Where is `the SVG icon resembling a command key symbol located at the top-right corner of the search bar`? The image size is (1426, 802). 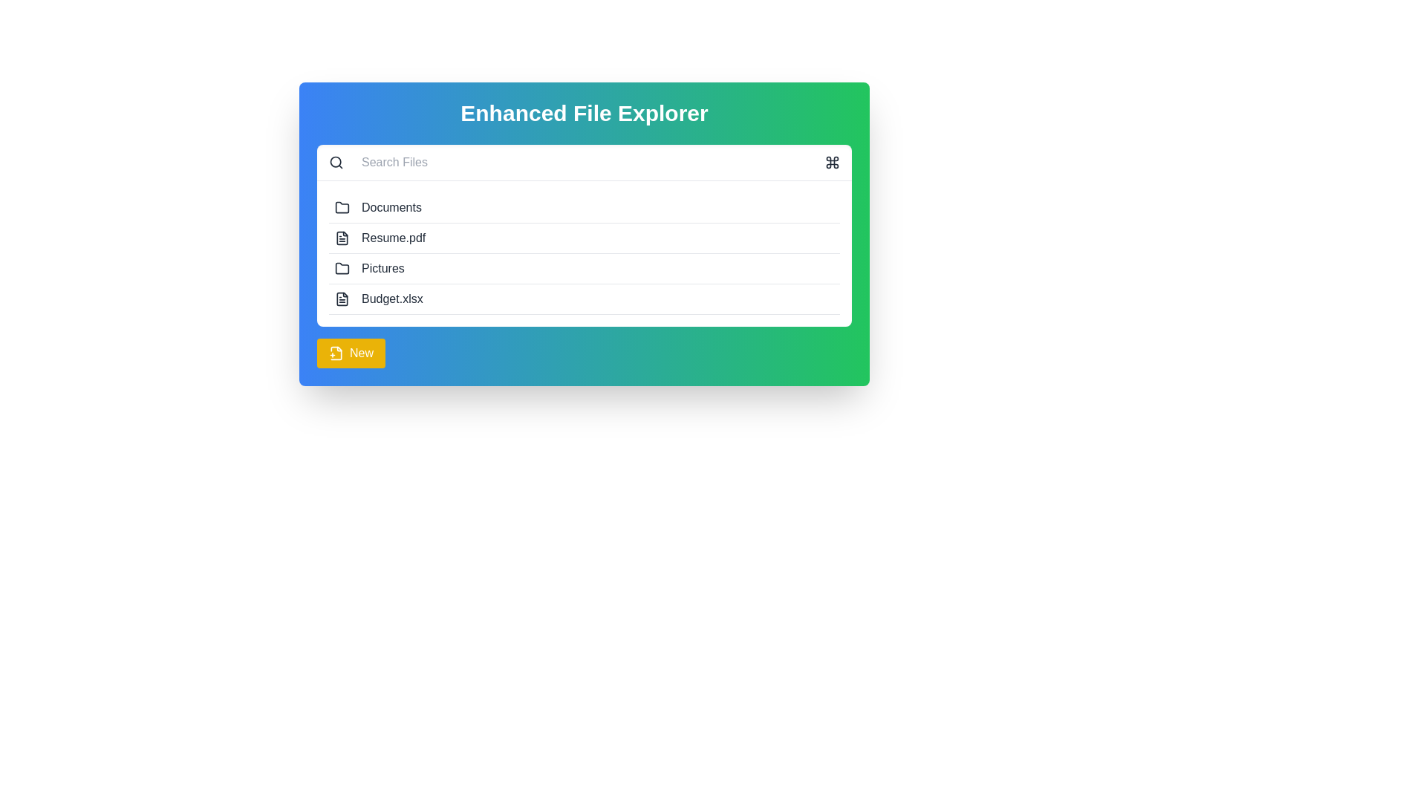
the SVG icon resembling a command key symbol located at the top-right corner of the search bar is located at coordinates (833, 163).